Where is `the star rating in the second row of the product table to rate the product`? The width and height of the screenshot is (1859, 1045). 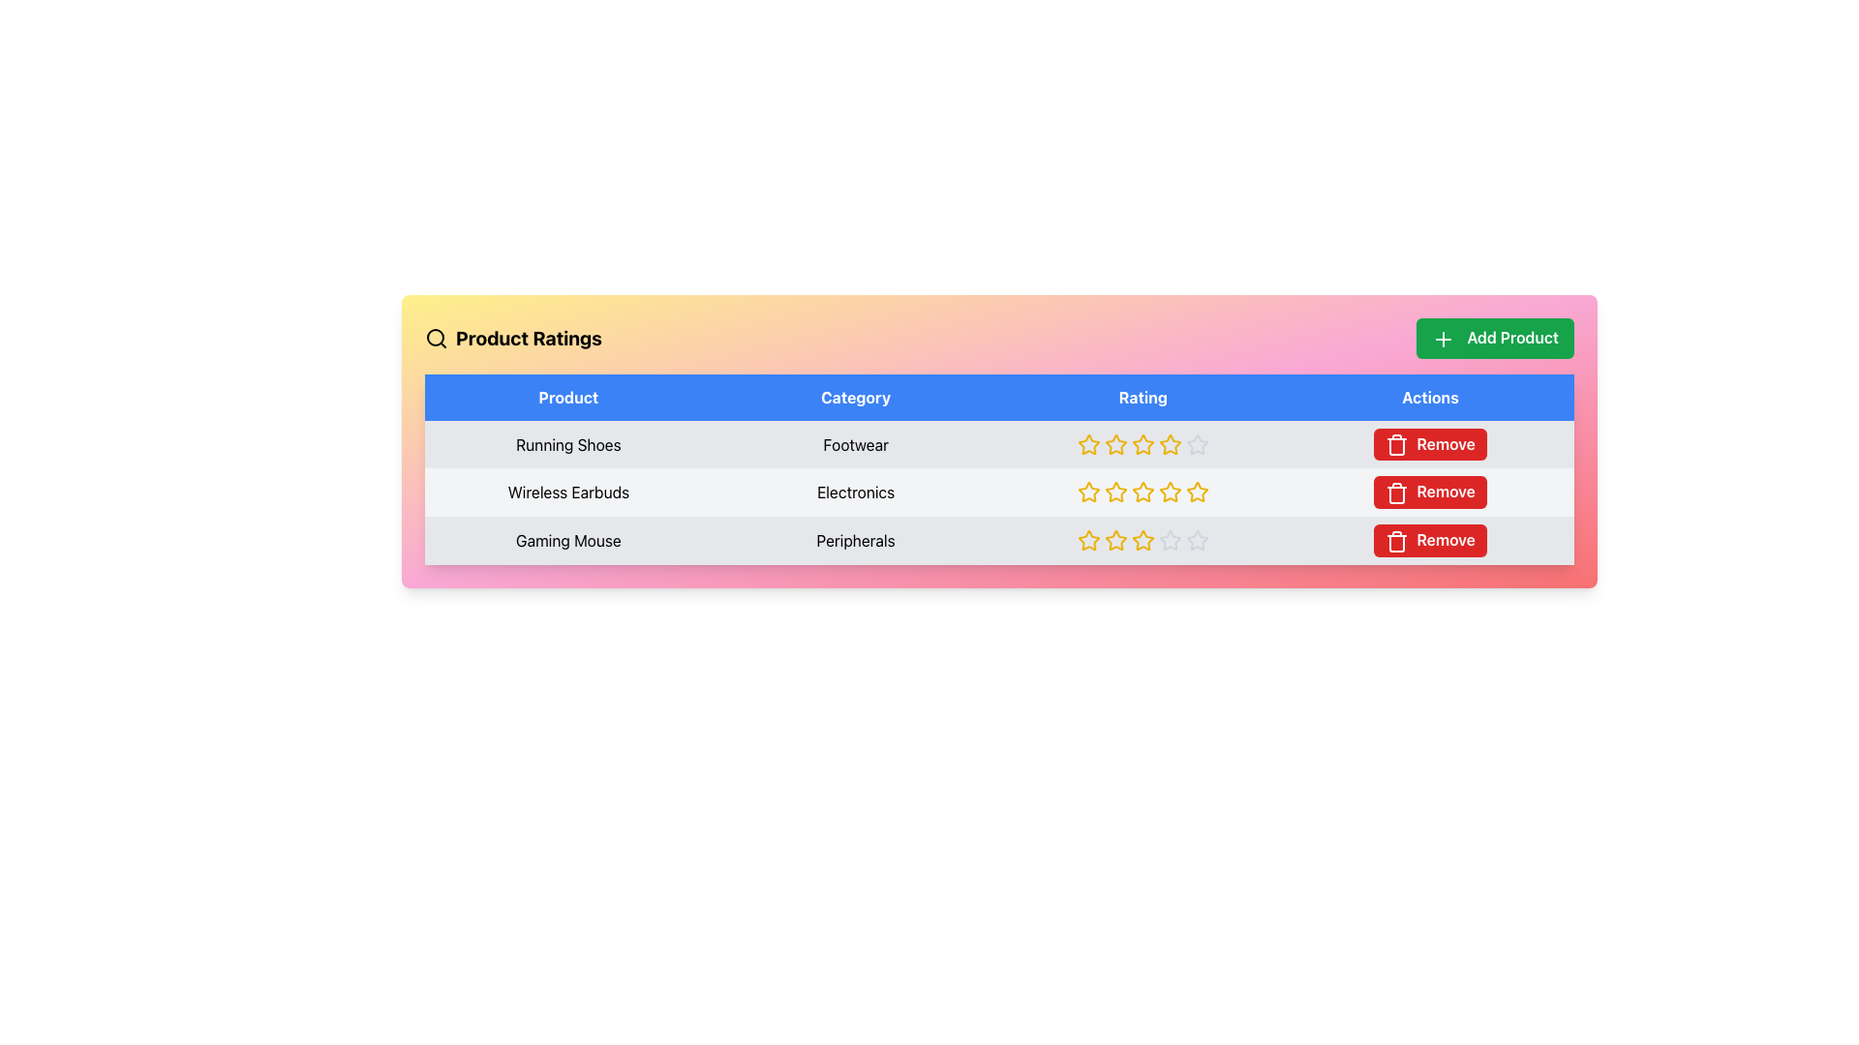 the star rating in the second row of the product table to rate the product is located at coordinates (999, 492).